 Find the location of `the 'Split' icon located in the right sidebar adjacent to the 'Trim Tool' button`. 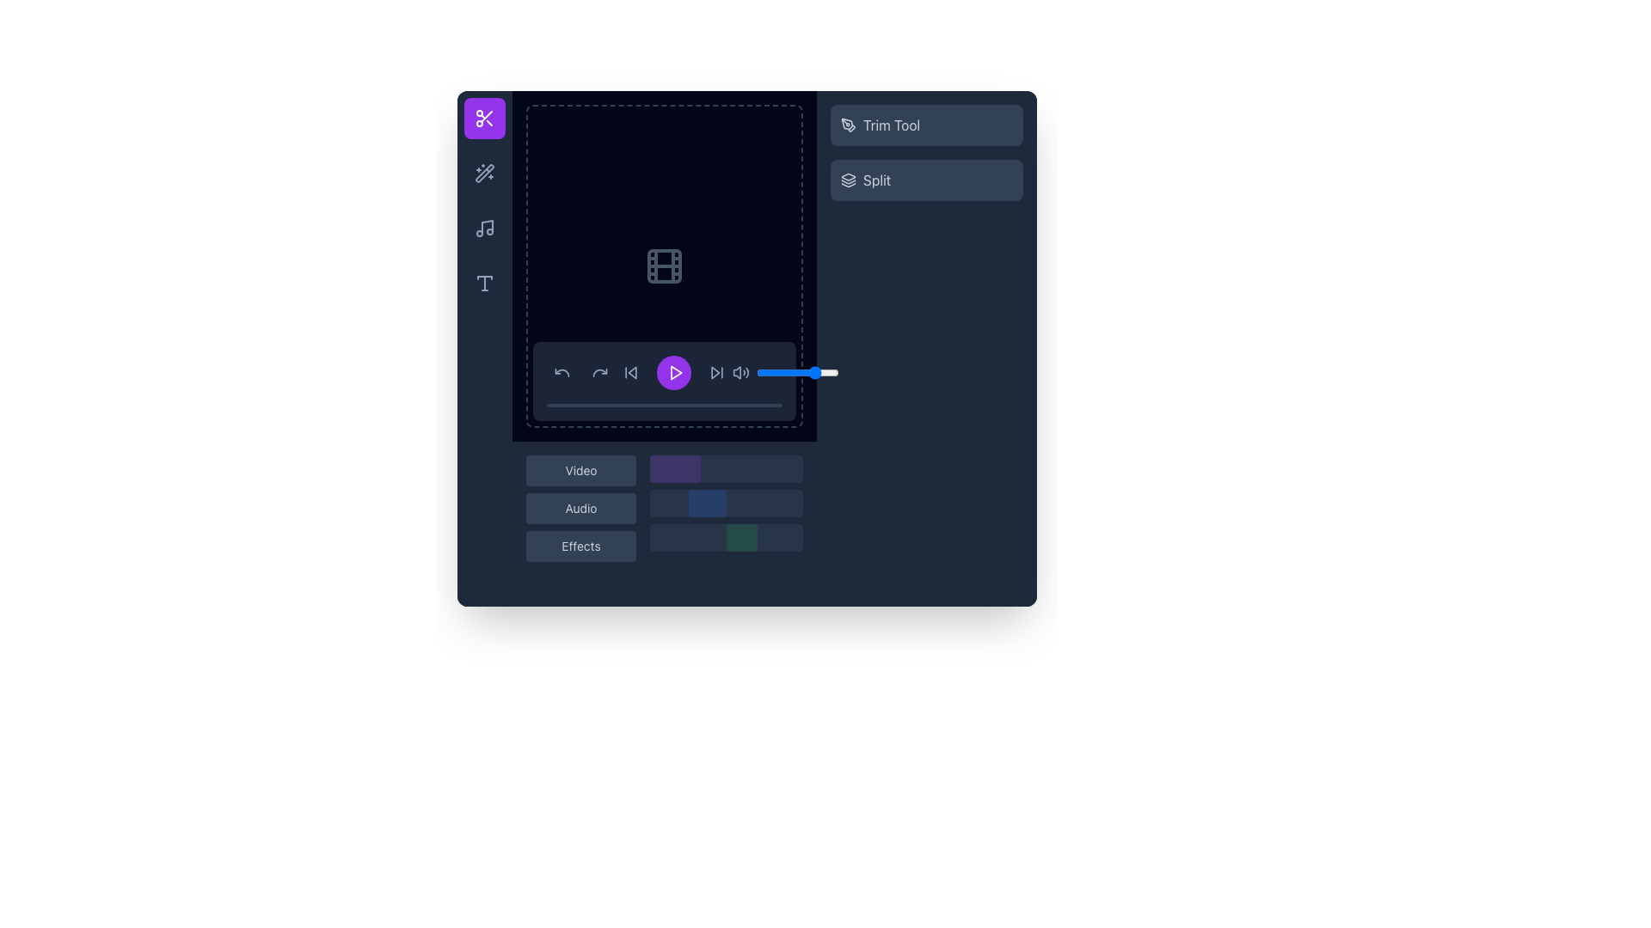

the 'Split' icon located in the right sidebar adjacent to the 'Trim Tool' button is located at coordinates (849, 180).